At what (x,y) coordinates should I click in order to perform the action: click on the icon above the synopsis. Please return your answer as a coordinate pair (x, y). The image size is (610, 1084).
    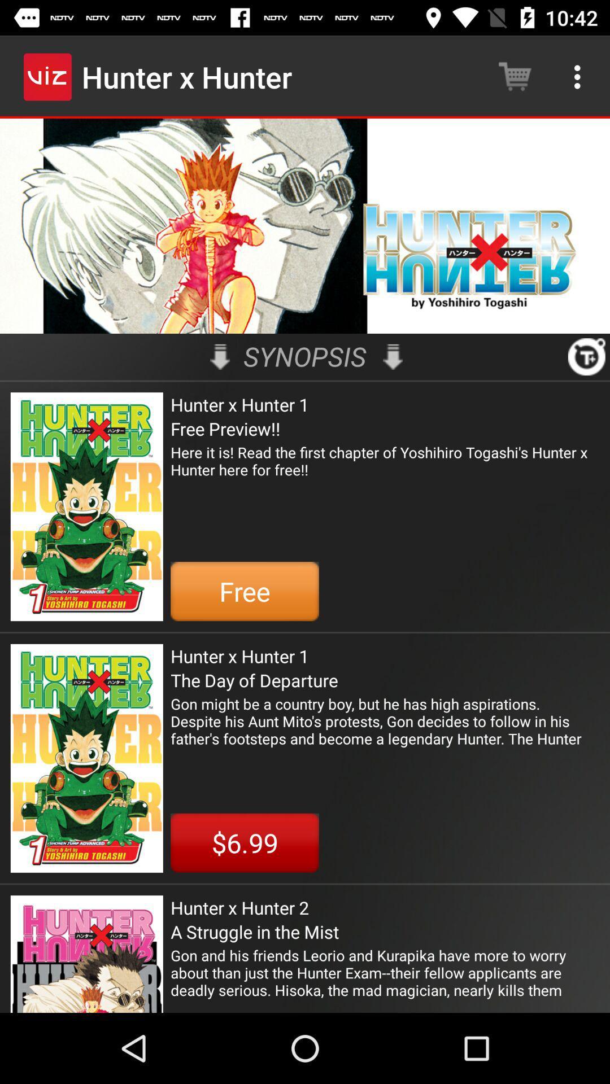
    Looking at the image, I should click on (305, 226).